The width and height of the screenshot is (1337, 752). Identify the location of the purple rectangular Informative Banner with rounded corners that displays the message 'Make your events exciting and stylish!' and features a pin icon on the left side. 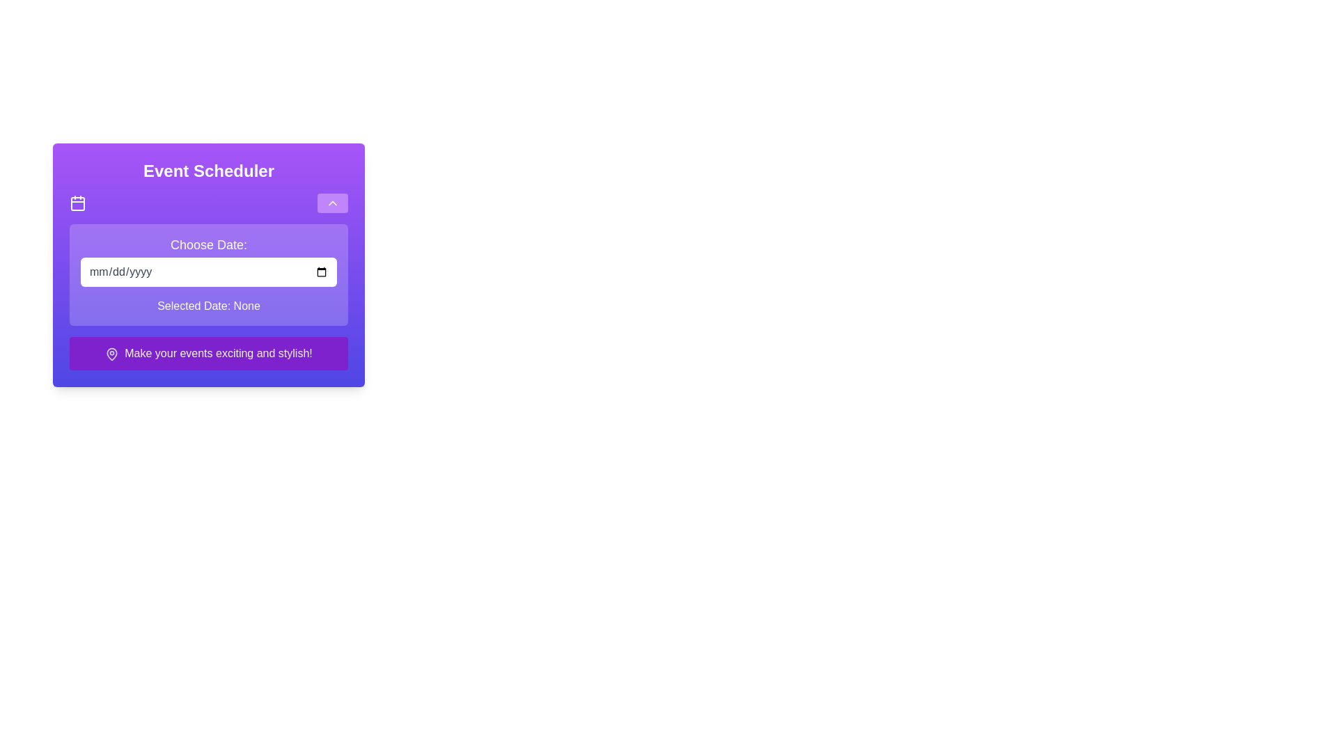
(208, 353).